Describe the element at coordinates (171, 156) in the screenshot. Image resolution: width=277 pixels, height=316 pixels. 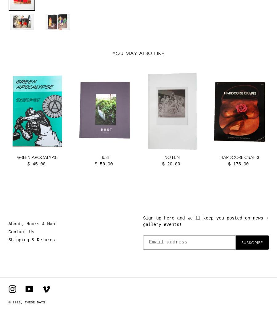
I see `'NO FUN'` at that location.